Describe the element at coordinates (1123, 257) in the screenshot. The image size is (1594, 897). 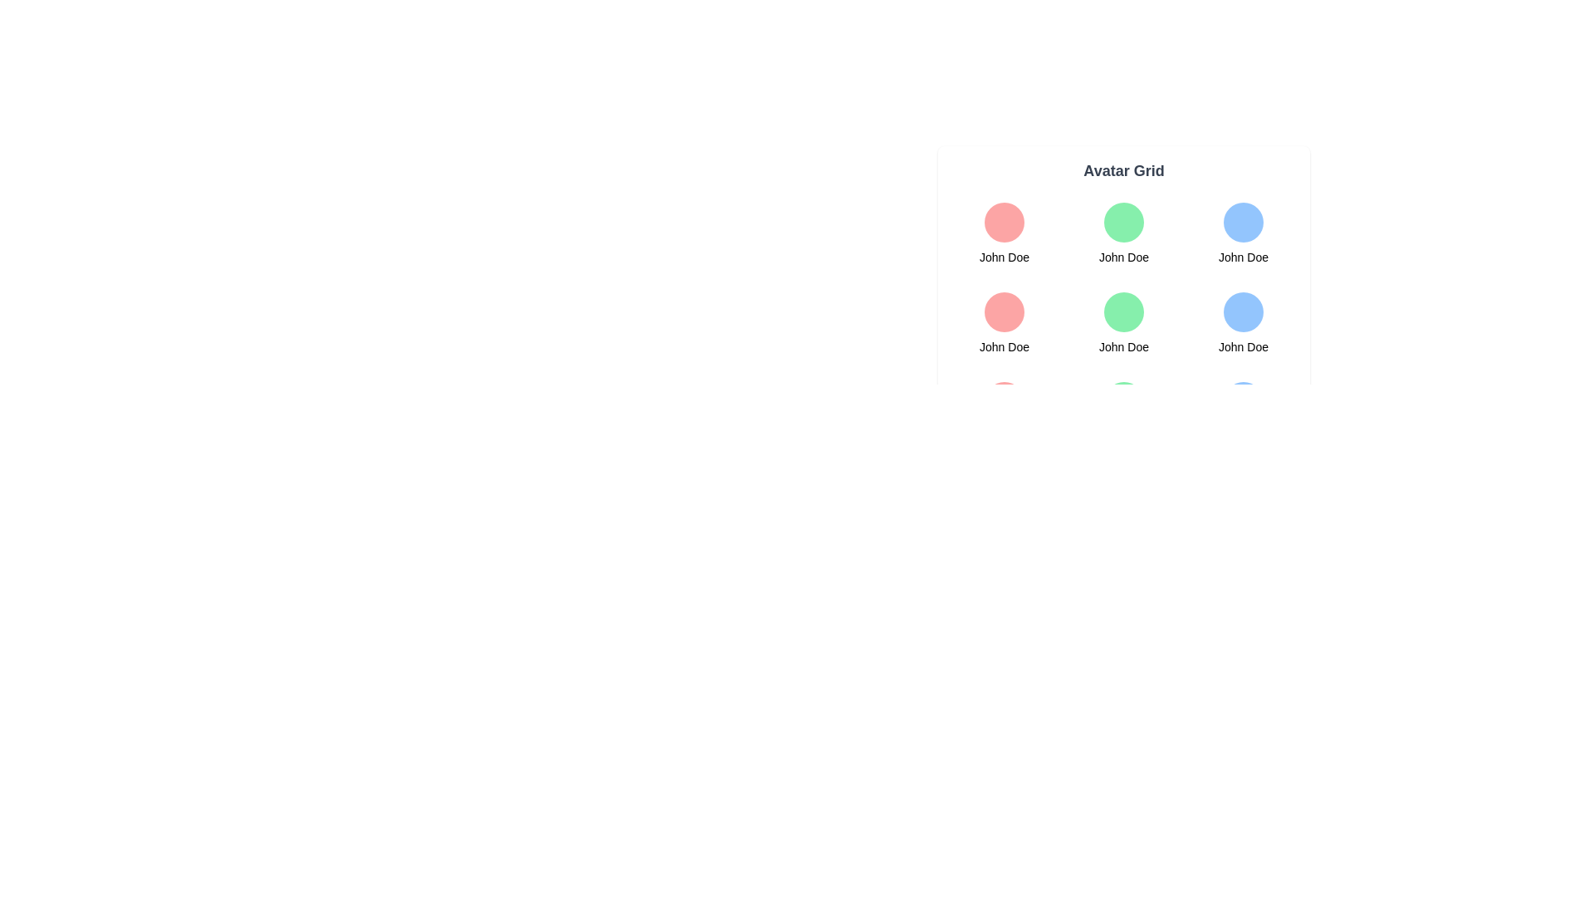
I see `the text label displaying 'John Doe', which is located in the middle of the second column of a 3x3 grid layout, below a circular green avatar` at that location.